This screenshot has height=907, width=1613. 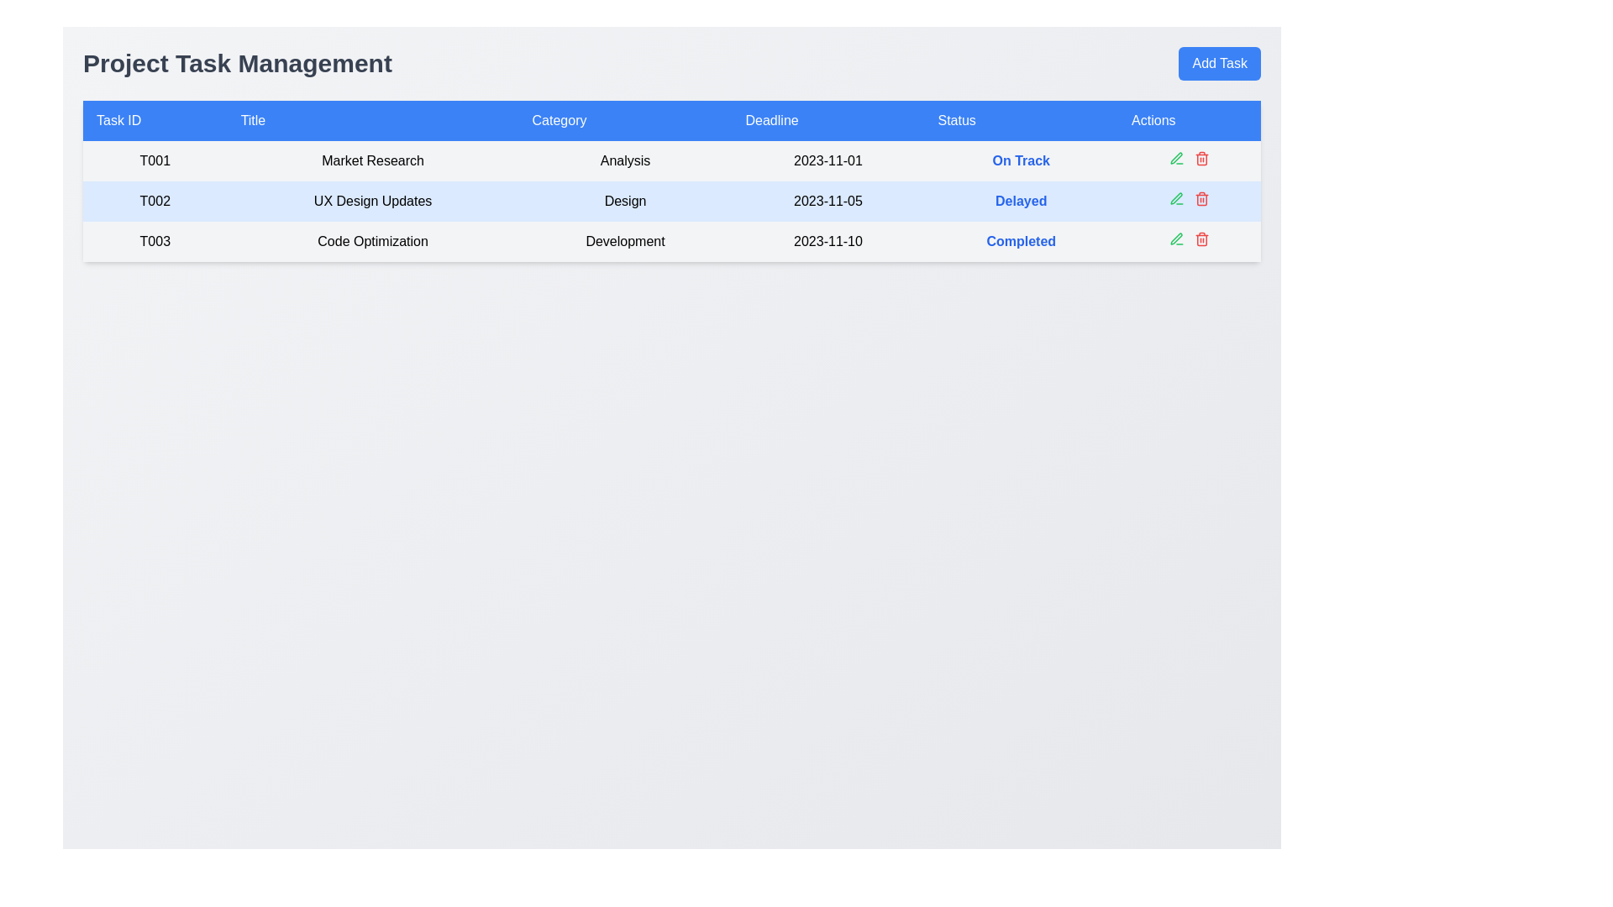 What do you see at coordinates (1189, 159) in the screenshot?
I see `the button group consisting of a green and a red icon located` at bounding box center [1189, 159].